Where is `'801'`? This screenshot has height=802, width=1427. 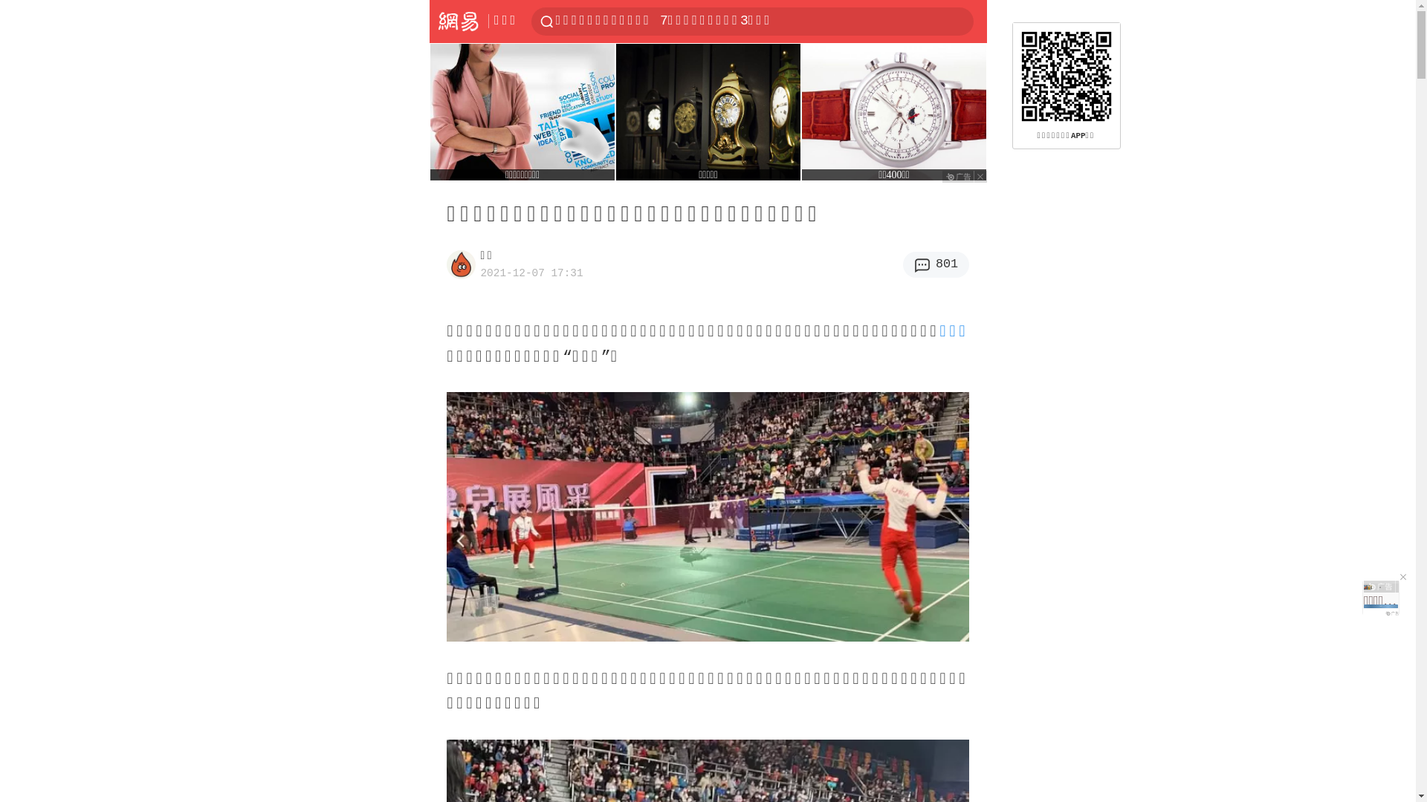
'801' is located at coordinates (935, 264).